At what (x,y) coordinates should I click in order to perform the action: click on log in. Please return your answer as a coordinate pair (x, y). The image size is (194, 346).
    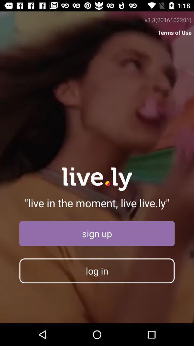
    Looking at the image, I should click on (97, 270).